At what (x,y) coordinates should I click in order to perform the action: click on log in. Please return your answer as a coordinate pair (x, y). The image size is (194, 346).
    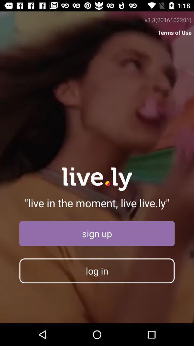
    Looking at the image, I should click on (97, 270).